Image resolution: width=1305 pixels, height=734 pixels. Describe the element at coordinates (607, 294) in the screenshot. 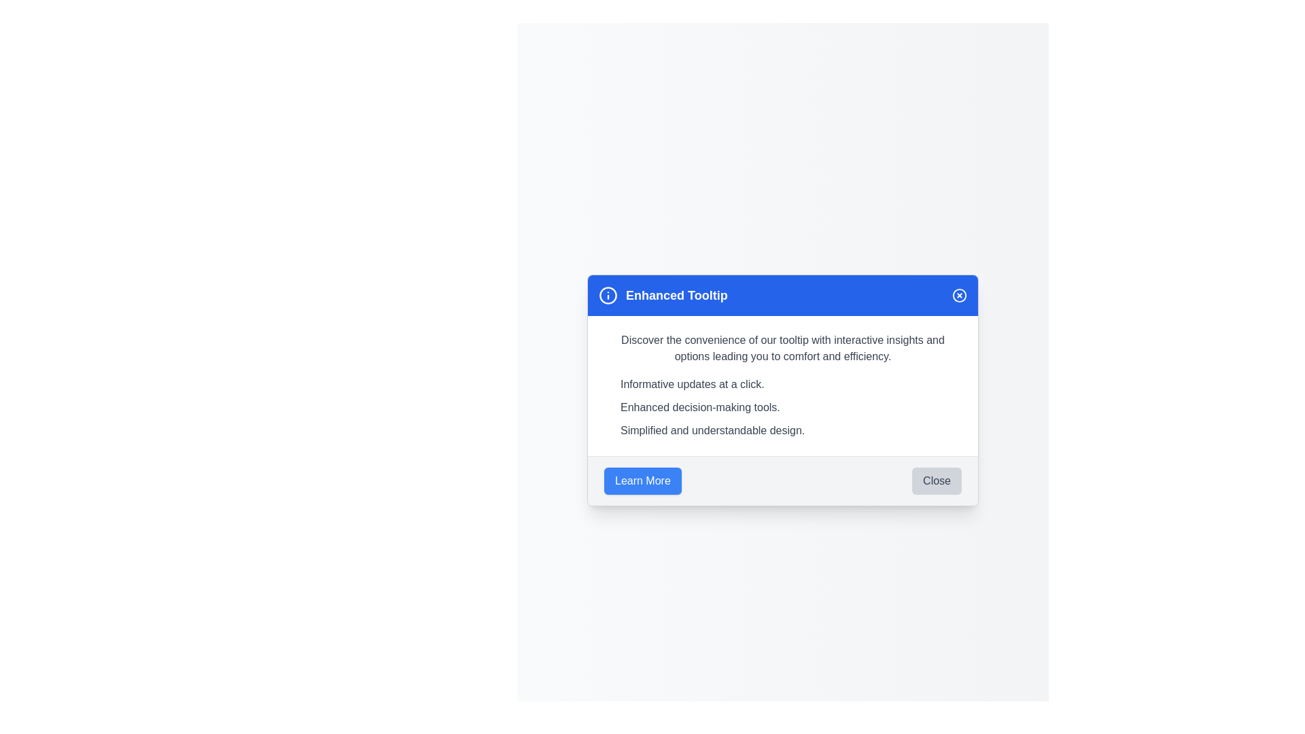

I see `the SVG Circle Graphic with a blue outline that signifies information or notification, located to the left of the 'Enhanced Tooltip' text in the header` at that location.